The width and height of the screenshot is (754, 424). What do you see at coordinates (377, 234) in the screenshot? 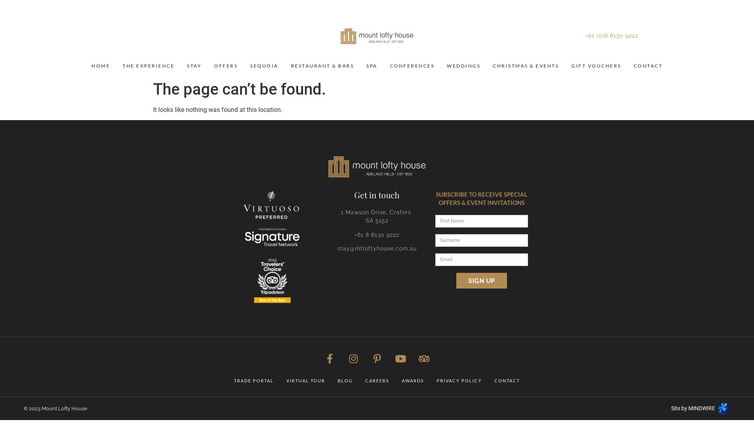
I see `'+61 8 8130 9222'` at bounding box center [377, 234].